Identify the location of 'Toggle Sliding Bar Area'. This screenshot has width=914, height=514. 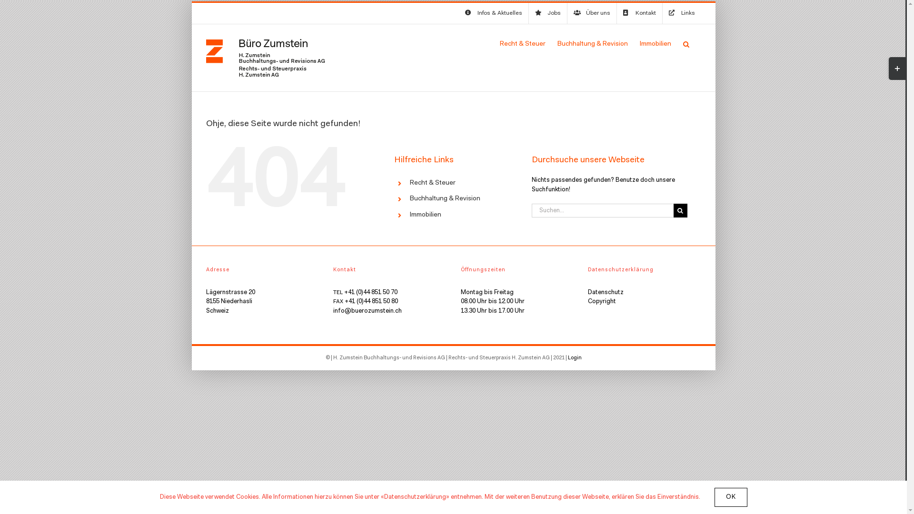
(896, 68).